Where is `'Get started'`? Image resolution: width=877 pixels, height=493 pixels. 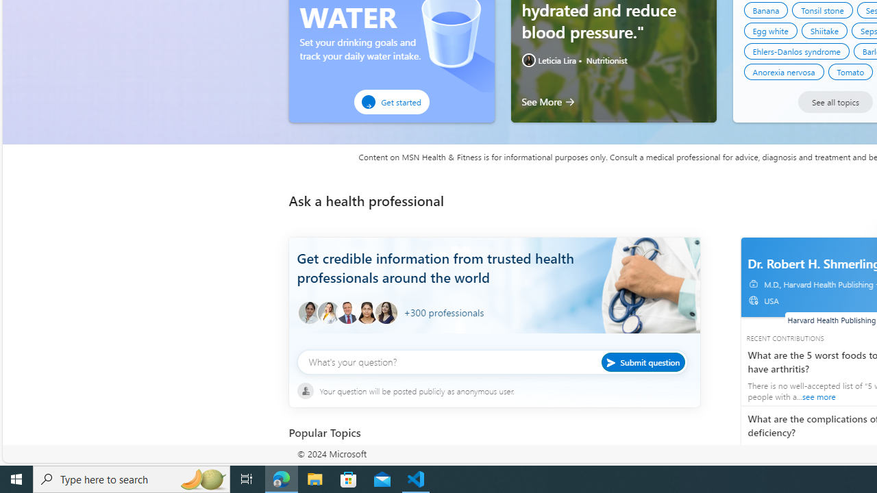 'Get started' is located at coordinates (391, 101).